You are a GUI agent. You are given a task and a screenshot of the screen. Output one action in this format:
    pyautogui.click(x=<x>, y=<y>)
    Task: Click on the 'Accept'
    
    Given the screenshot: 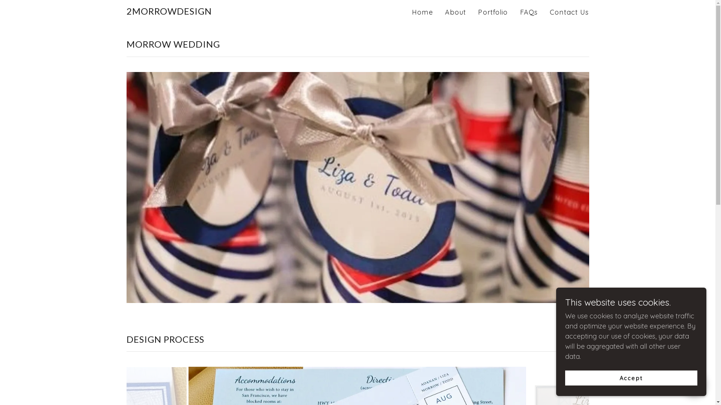 What is the action you would take?
    pyautogui.click(x=631, y=378)
    